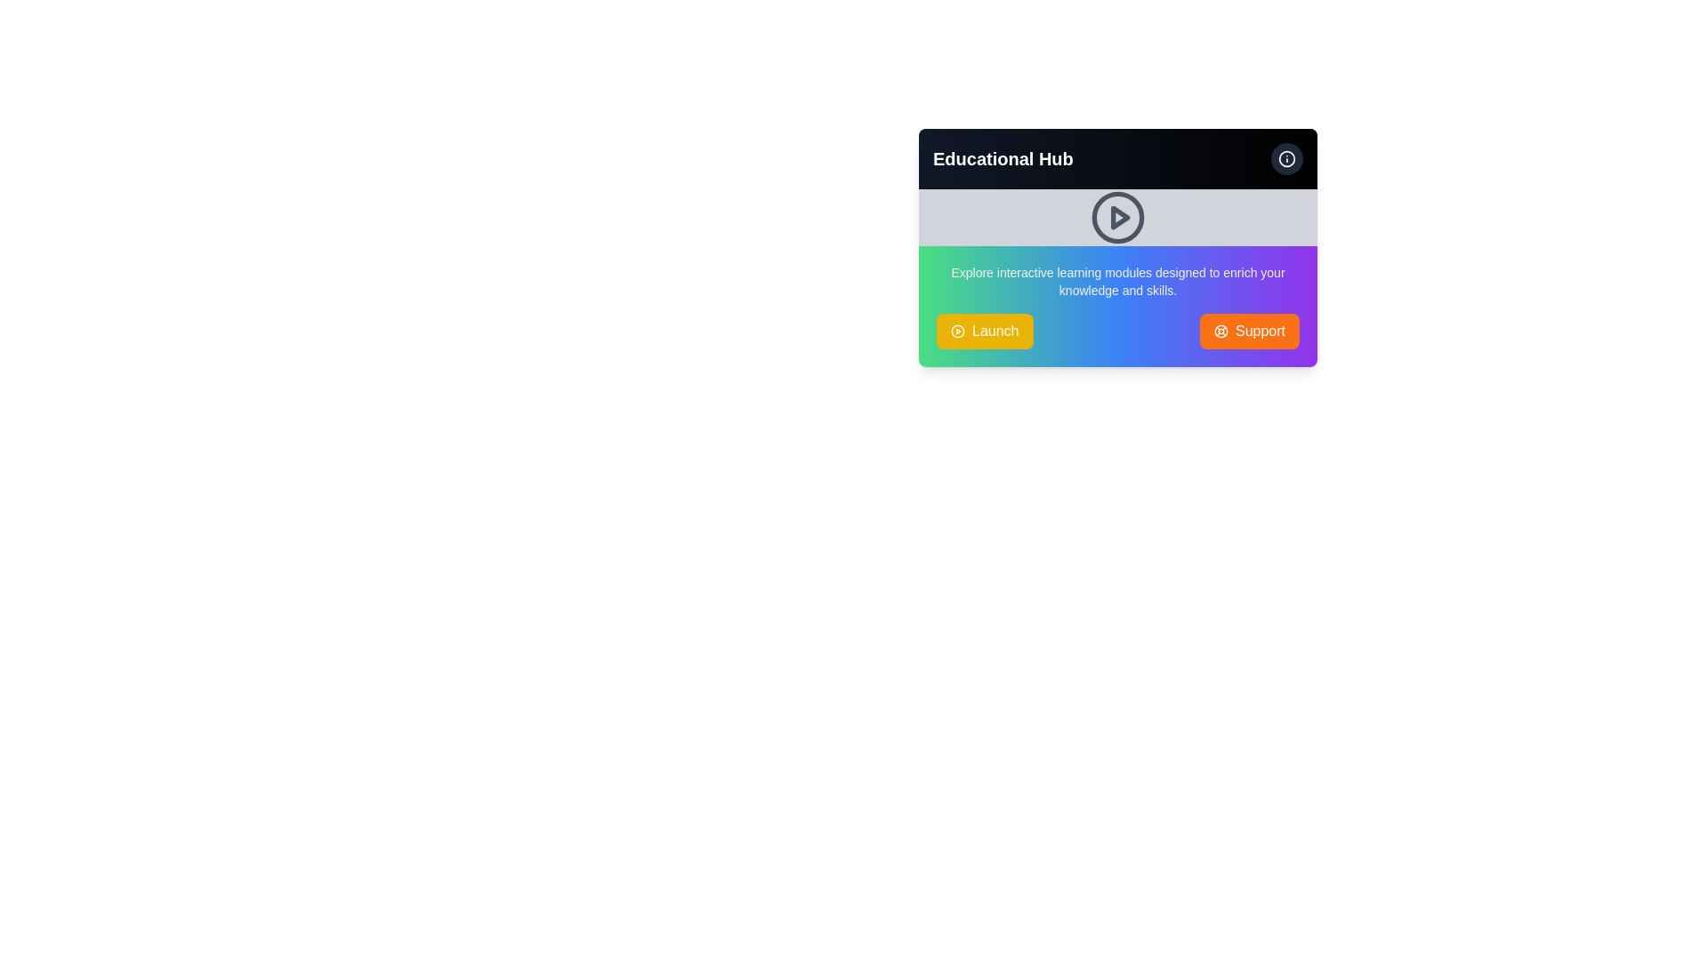 This screenshot has width=1708, height=960. What do you see at coordinates (1286, 157) in the screenshot?
I see `the information icon located at the top-right corner of the 'Educational Hub' card` at bounding box center [1286, 157].